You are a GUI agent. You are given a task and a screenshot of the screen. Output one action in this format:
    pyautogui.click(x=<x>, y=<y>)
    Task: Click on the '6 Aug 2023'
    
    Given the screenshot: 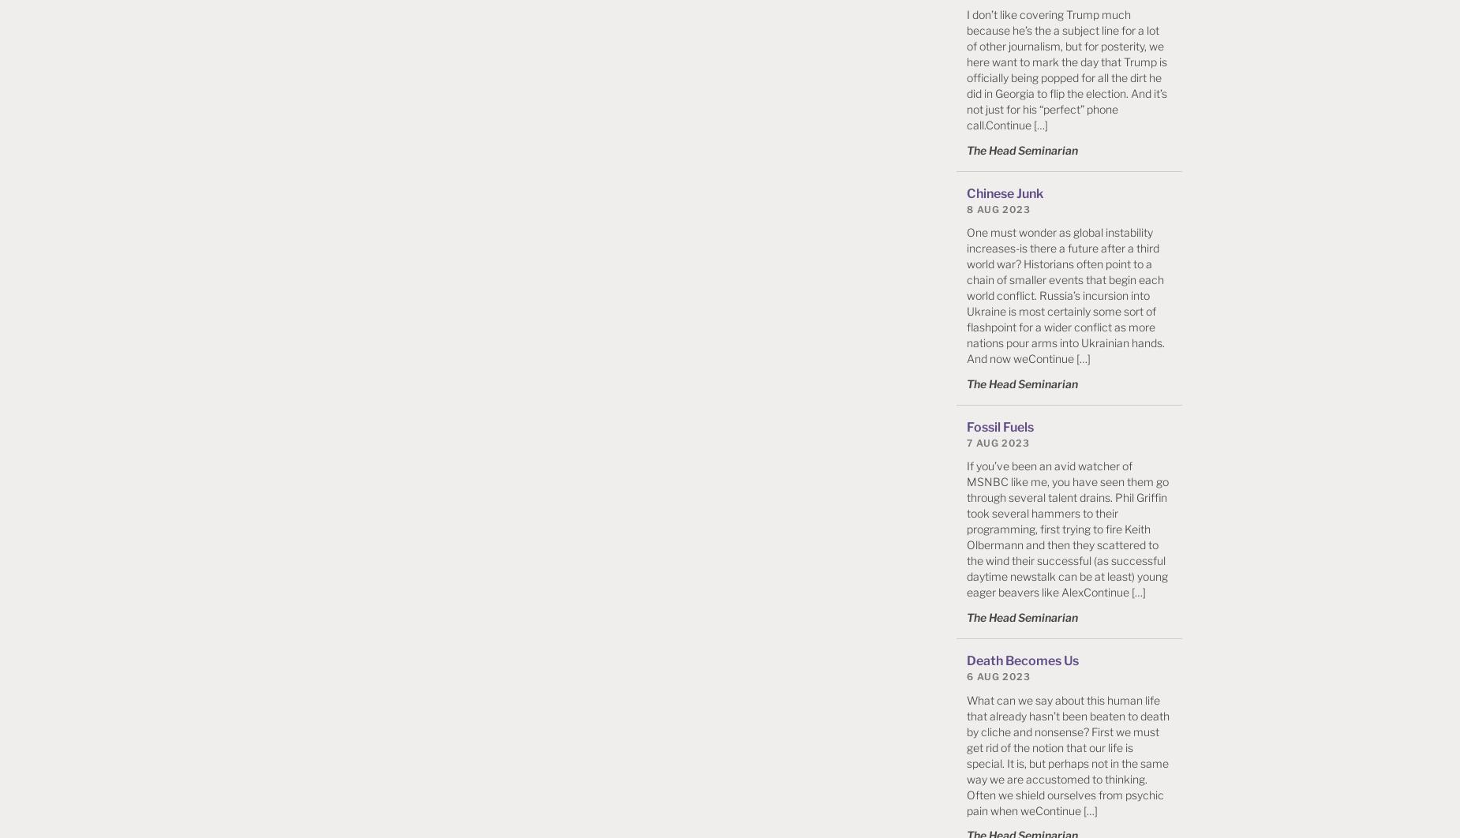 What is the action you would take?
    pyautogui.click(x=998, y=675)
    